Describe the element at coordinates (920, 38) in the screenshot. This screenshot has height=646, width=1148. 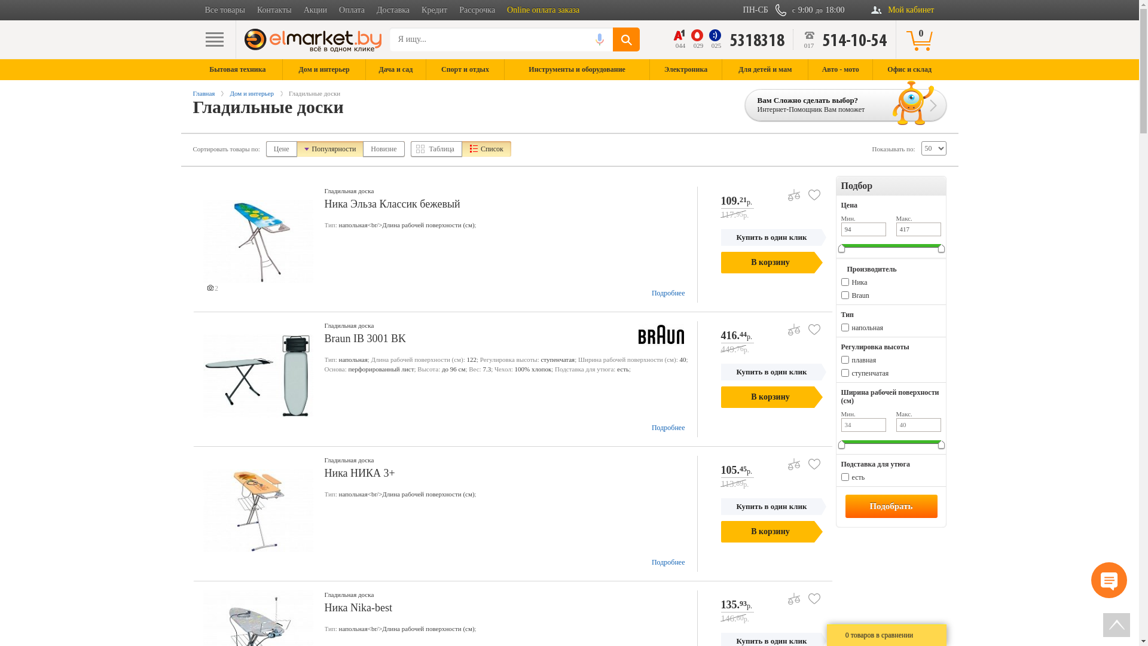
I see `'0'` at that location.